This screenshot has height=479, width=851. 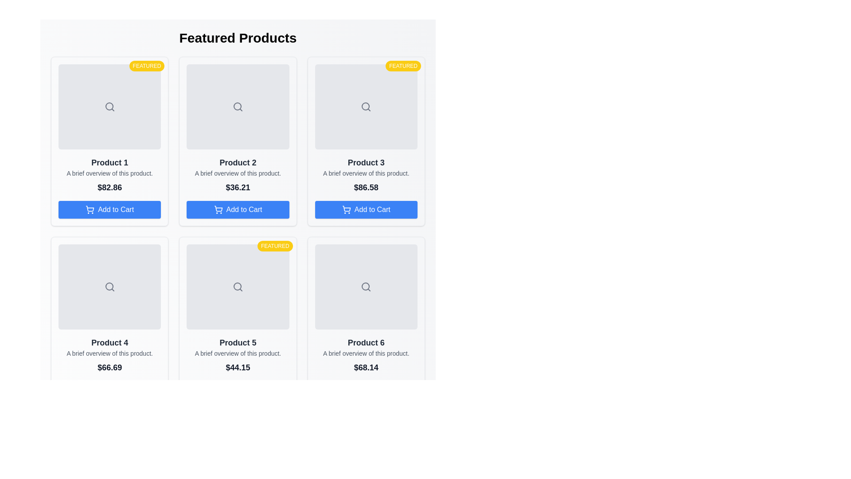 What do you see at coordinates (109, 353) in the screenshot?
I see `the text block that describes 'Product 4', located in the bottom-left cell of the product card, situated below the product title and above the price display` at bounding box center [109, 353].